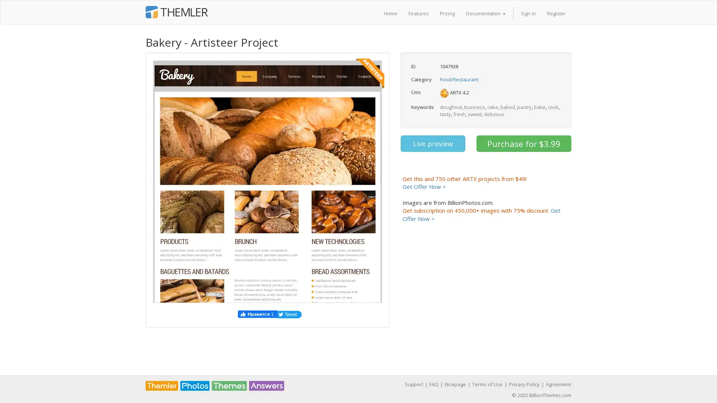 The width and height of the screenshot is (717, 403). Describe the element at coordinates (523, 144) in the screenshot. I see `Purchase for $3.99` at that location.